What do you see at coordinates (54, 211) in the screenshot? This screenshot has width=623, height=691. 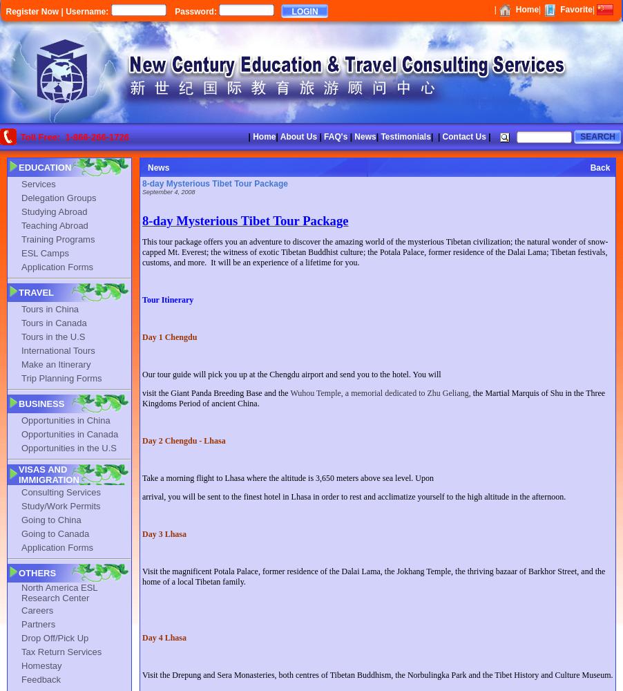 I see `'Studying Abroad'` at bounding box center [54, 211].